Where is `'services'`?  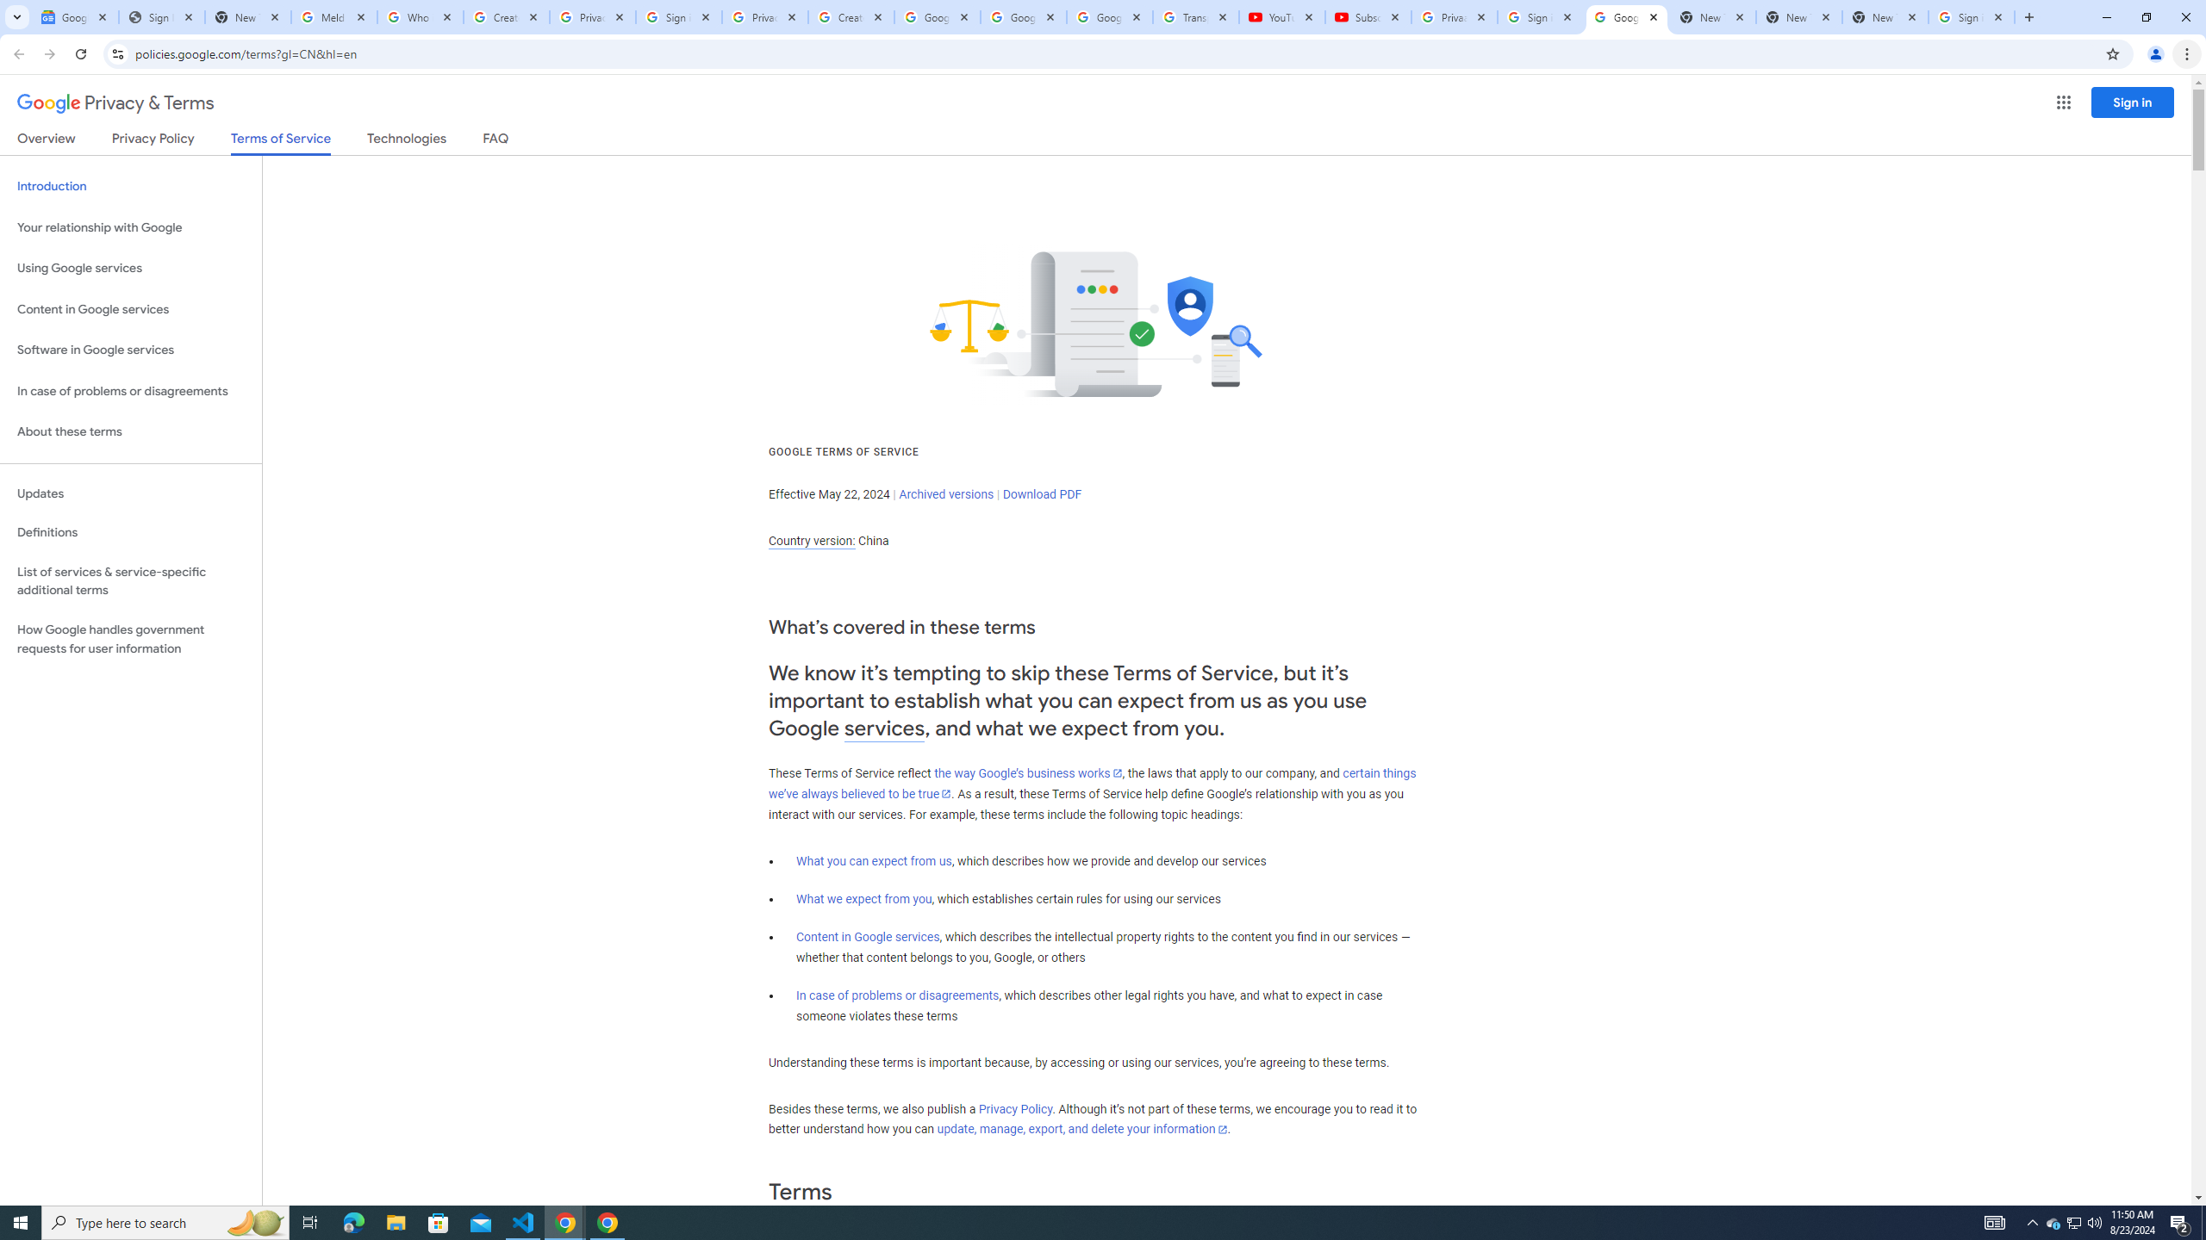
'services' is located at coordinates (884, 728).